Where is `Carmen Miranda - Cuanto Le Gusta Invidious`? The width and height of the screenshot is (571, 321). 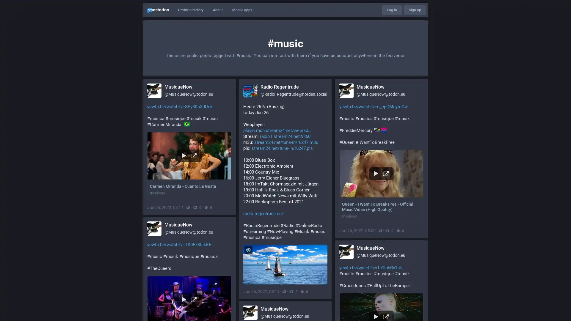
Carmen Miranda - Cuanto Le Gusta Invidious is located at coordinates (189, 166).